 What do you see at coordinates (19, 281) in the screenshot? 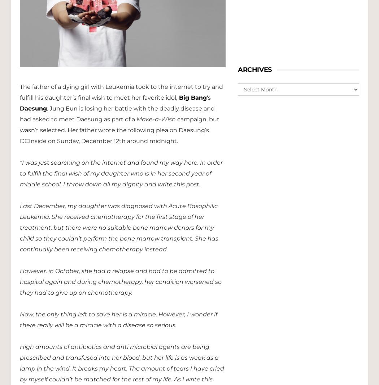
I see `'However, in October, she had a relapse and had to be admitted to hospital again and during chemotherapy, her condition worsened so they had to give up on chemotherapy.'` at bounding box center [19, 281].